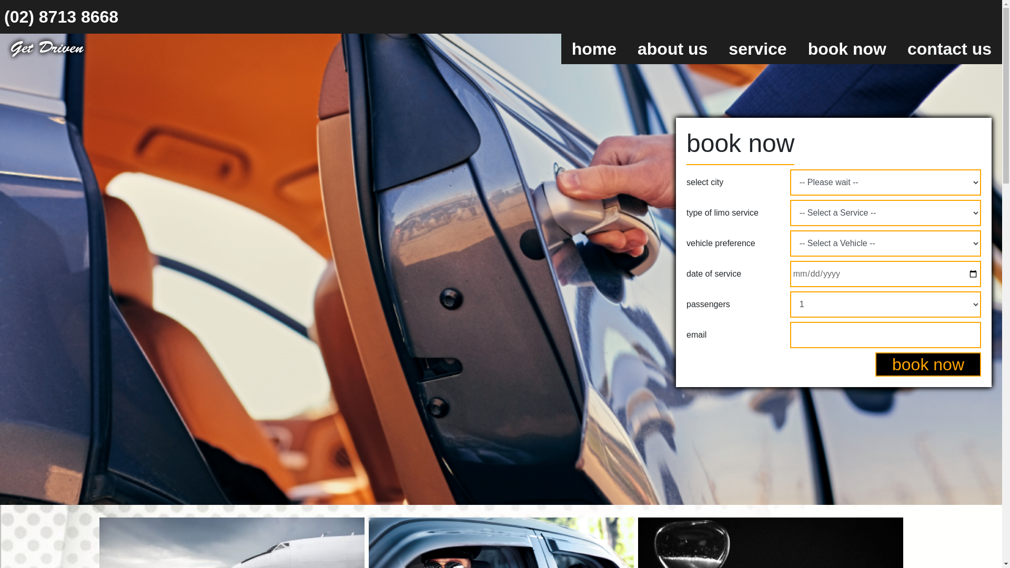 The width and height of the screenshot is (1010, 568). What do you see at coordinates (757, 48) in the screenshot?
I see `'service'` at bounding box center [757, 48].